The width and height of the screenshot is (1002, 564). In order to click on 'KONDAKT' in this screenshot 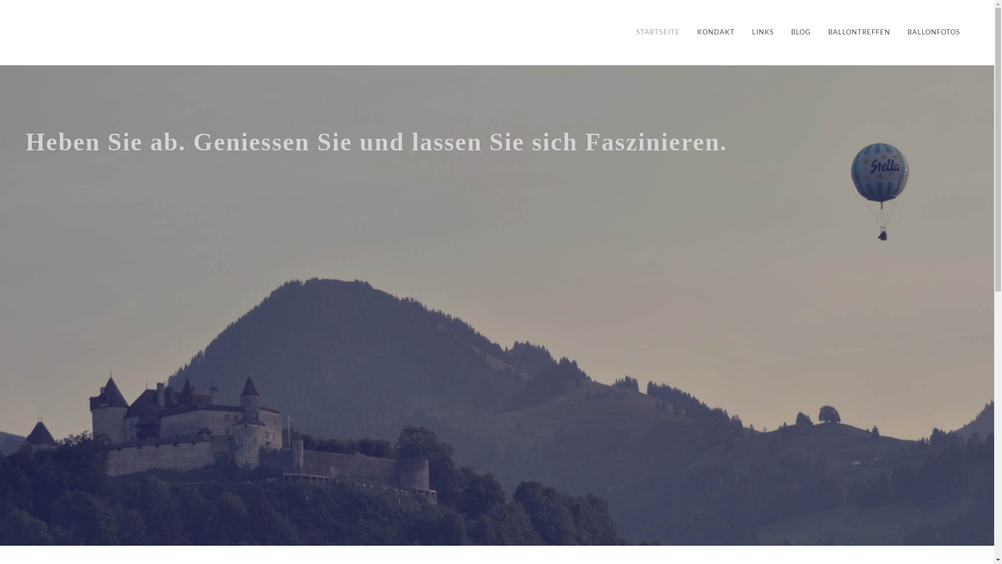, I will do `click(689, 32)`.